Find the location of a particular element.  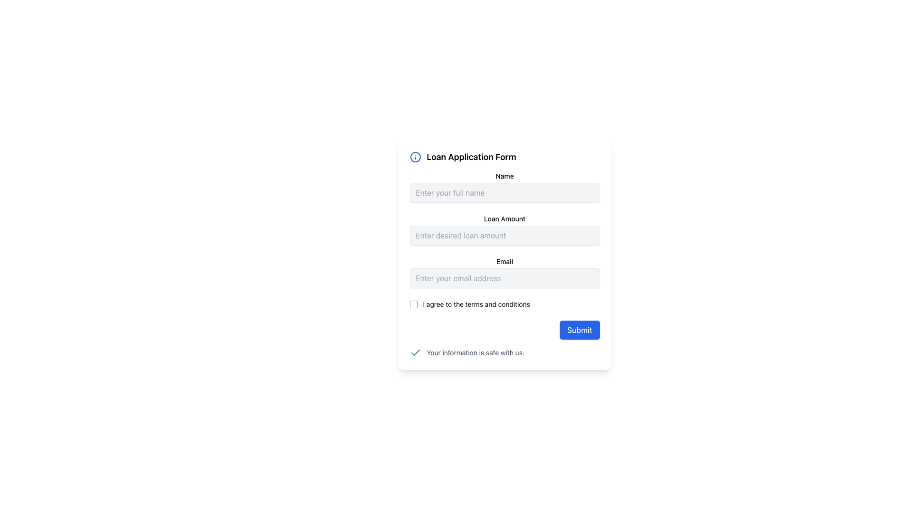

the information icon with a blue circular outline located in the top-left of the header section of the 'Loan Application Form' is located at coordinates (415, 157).